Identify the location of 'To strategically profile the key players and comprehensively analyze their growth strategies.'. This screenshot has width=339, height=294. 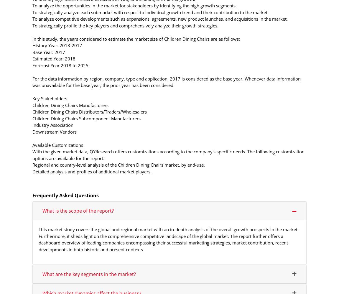
(125, 25).